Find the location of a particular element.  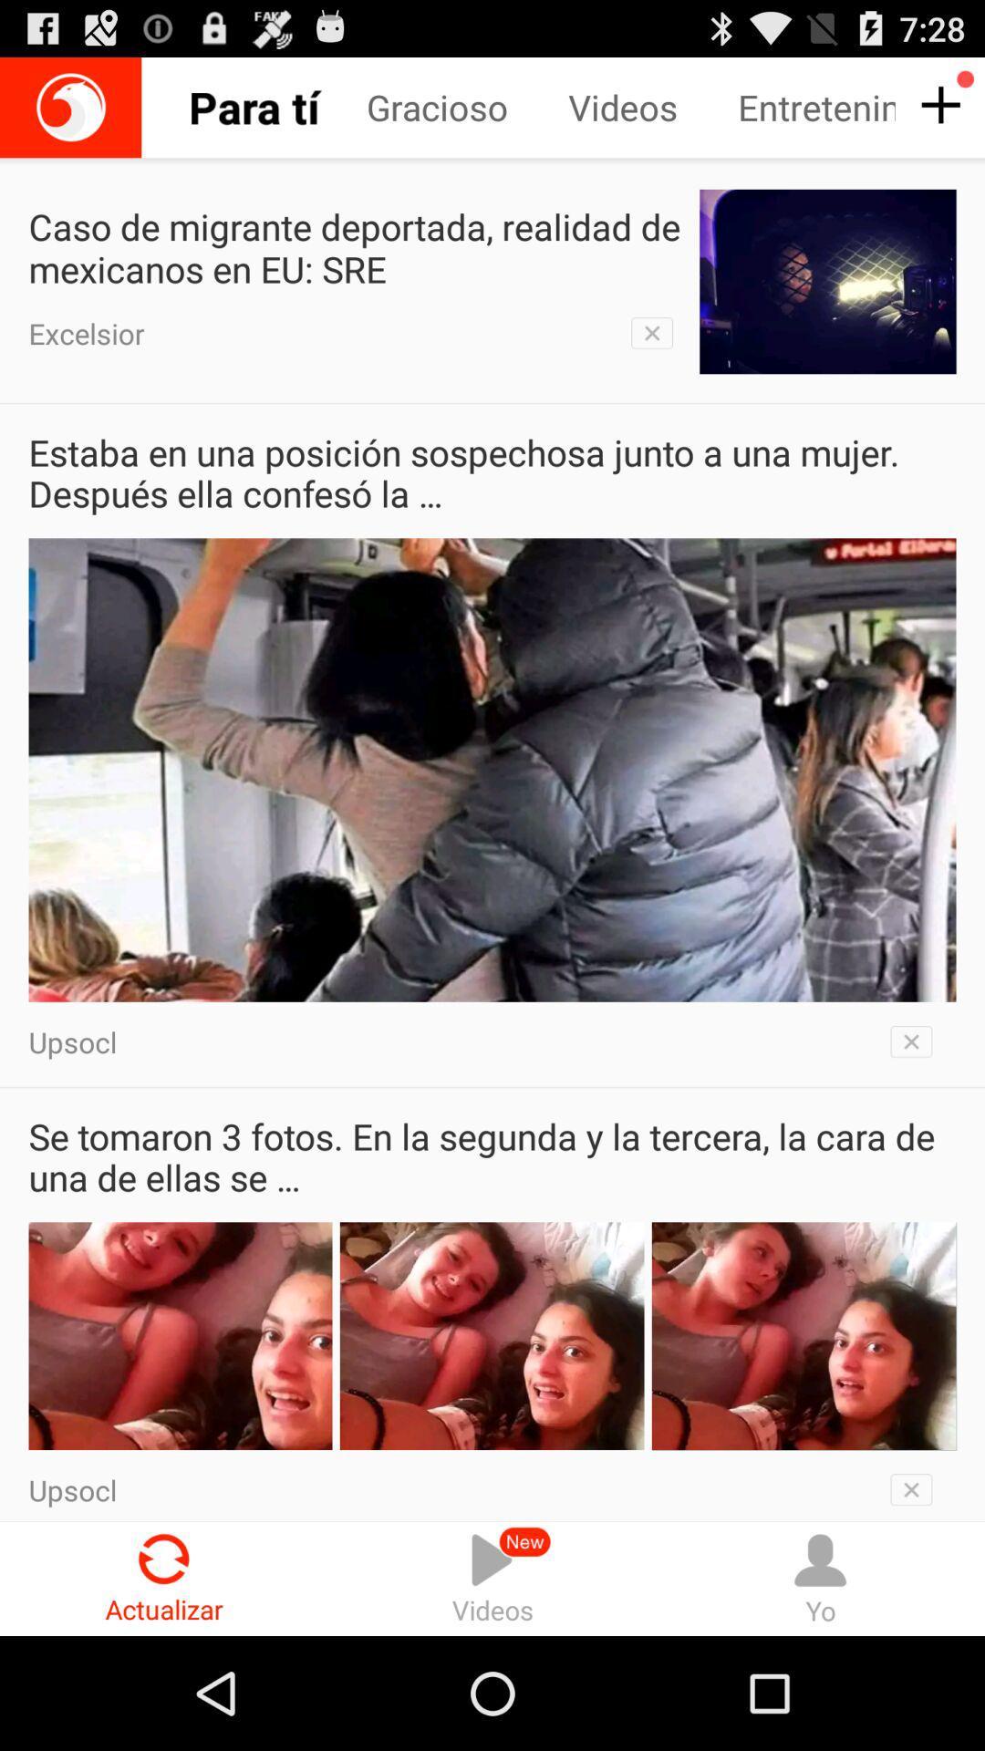

window is located at coordinates (917, 1041).